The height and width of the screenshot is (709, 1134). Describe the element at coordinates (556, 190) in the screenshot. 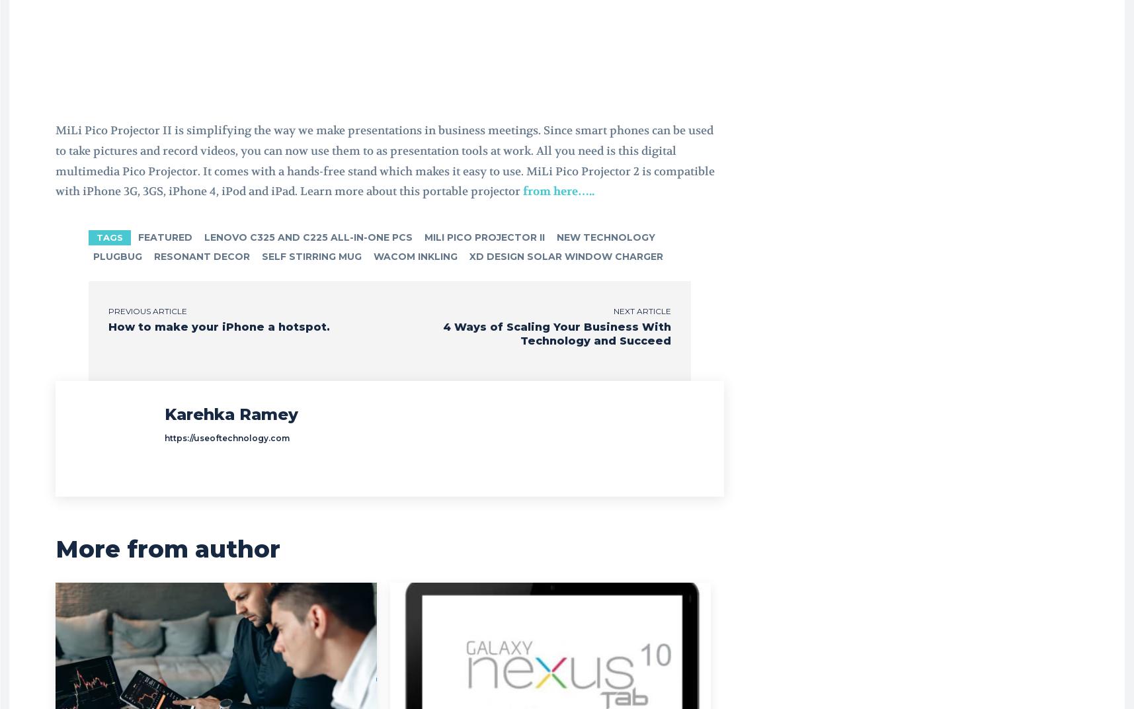

I see `'from here…..'` at that location.